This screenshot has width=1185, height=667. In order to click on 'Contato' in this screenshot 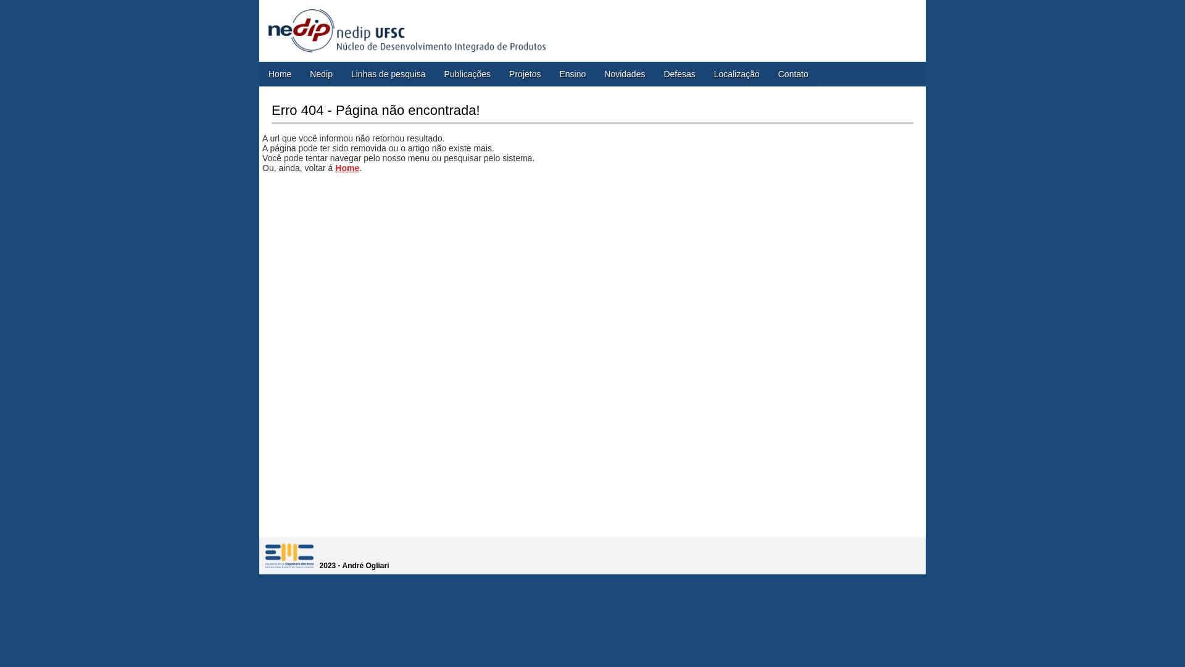, I will do `click(793, 73)`.